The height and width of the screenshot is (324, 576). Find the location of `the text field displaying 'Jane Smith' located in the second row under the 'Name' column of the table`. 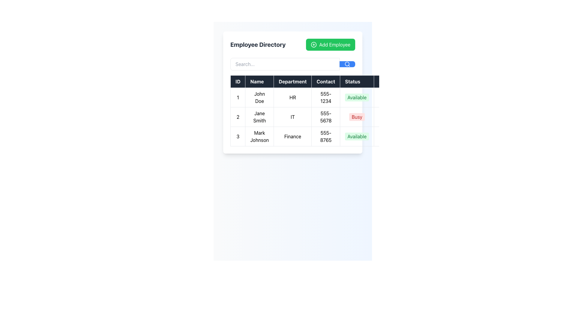

the text field displaying 'Jane Smith' located in the second row under the 'Name' column of the table is located at coordinates (259, 117).